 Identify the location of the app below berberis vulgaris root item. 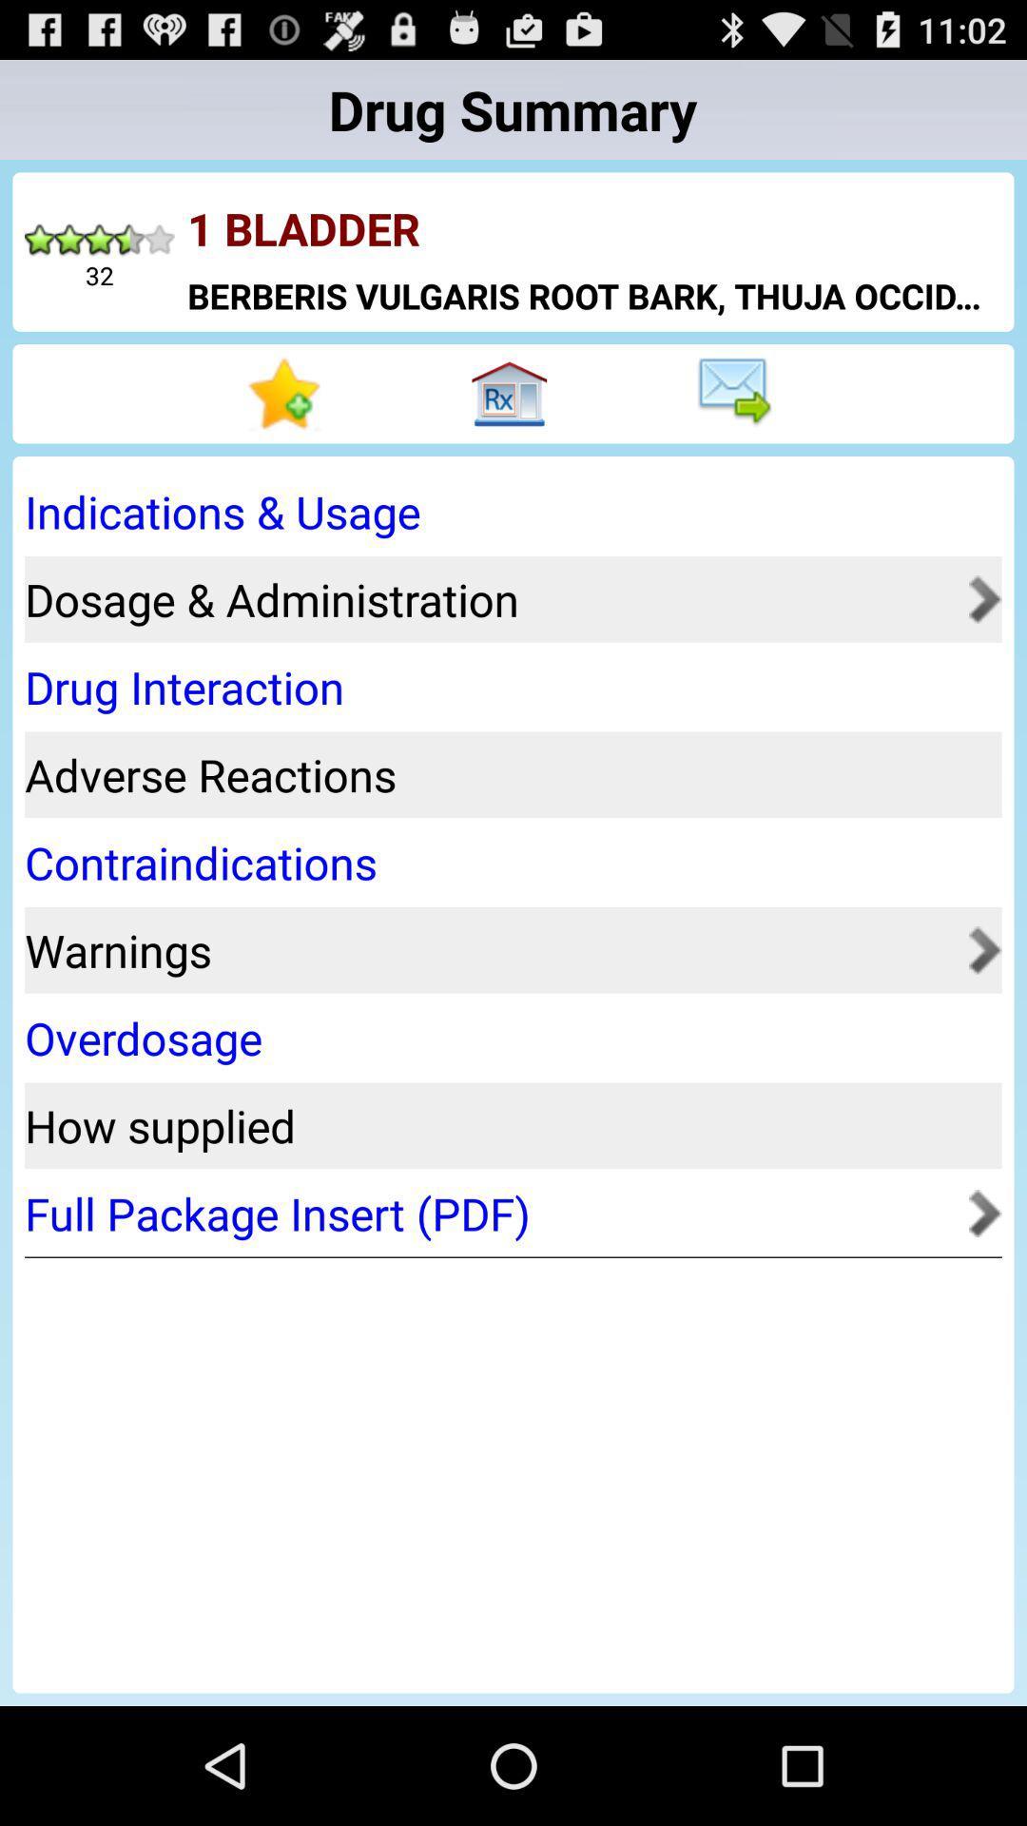
(288, 393).